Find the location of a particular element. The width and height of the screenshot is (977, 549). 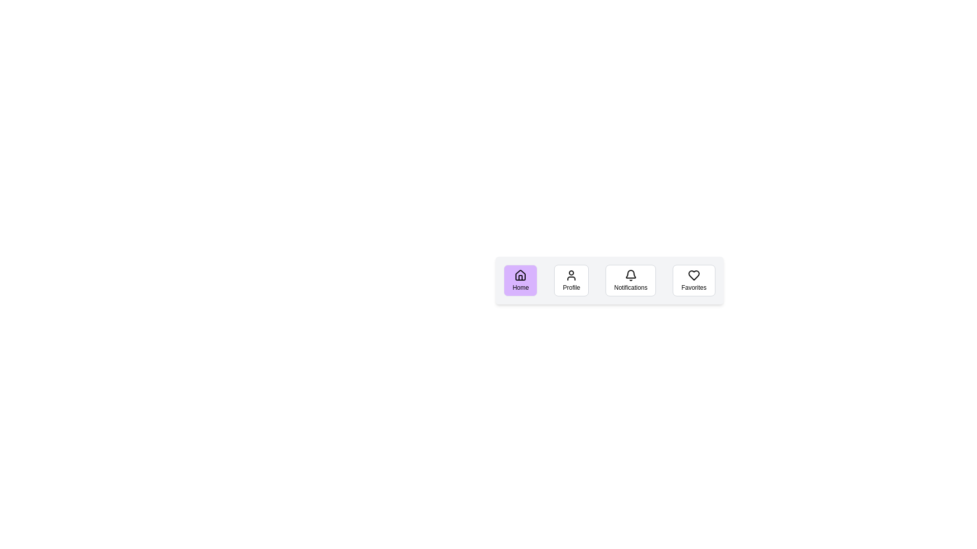

the Notifications button to navigate to the corresponding section is located at coordinates (629, 280).